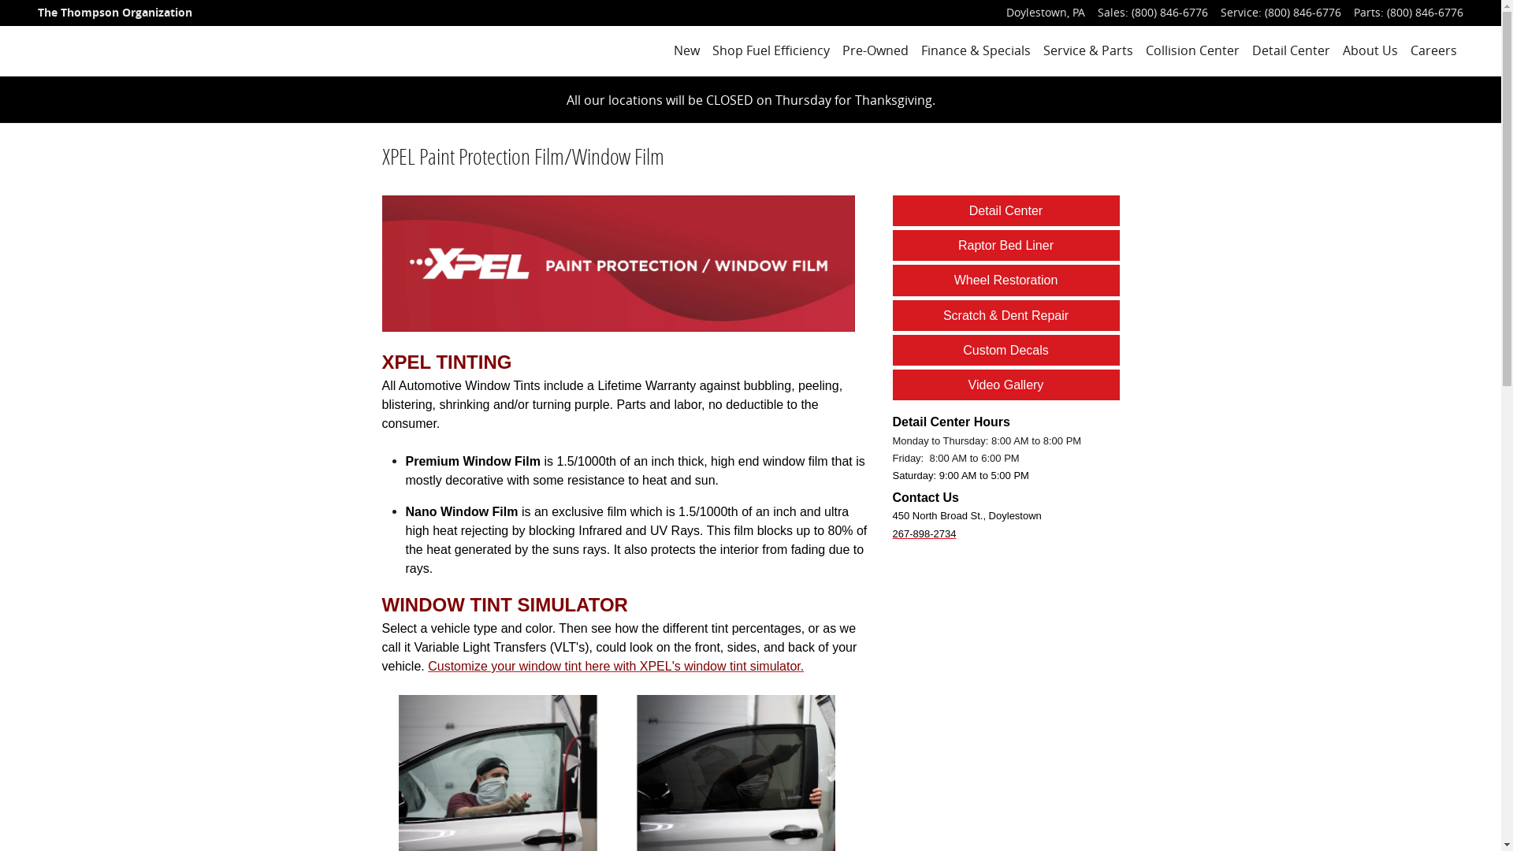 Image resolution: width=1513 pixels, height=851 pixels. I want to click on 'Doylestown, PA', so click(1045, 12).